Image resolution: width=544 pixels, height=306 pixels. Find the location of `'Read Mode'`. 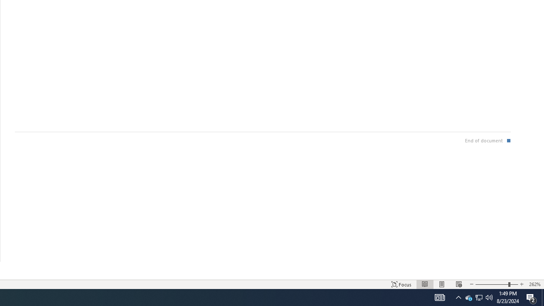

'Read Mode' is located at coordinates (425, 284).